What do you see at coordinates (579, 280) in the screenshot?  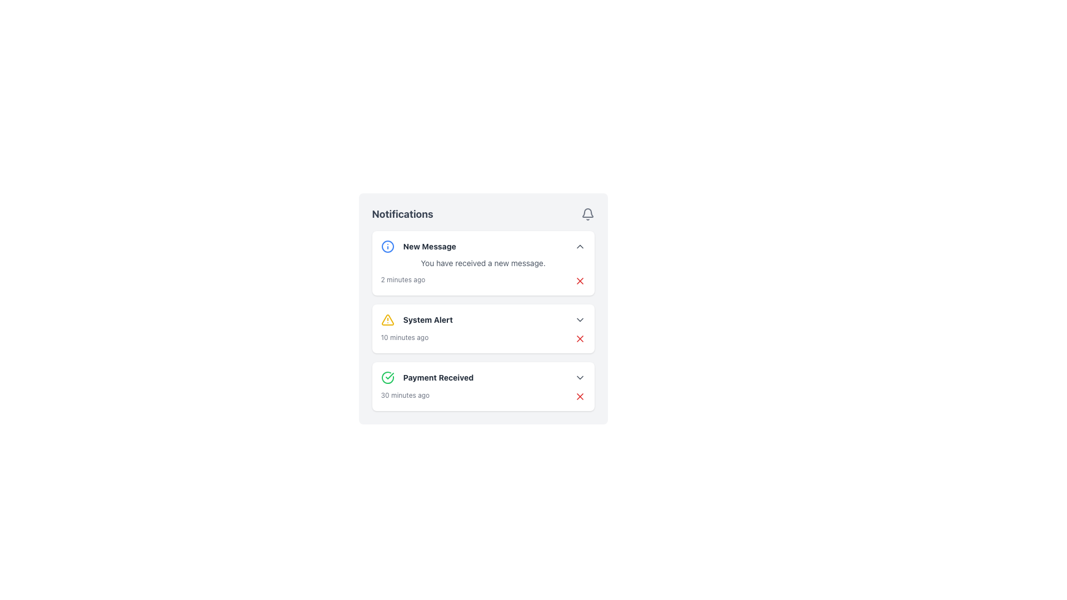 I see `the red 'X' icon` at bounding box center [579, 280].